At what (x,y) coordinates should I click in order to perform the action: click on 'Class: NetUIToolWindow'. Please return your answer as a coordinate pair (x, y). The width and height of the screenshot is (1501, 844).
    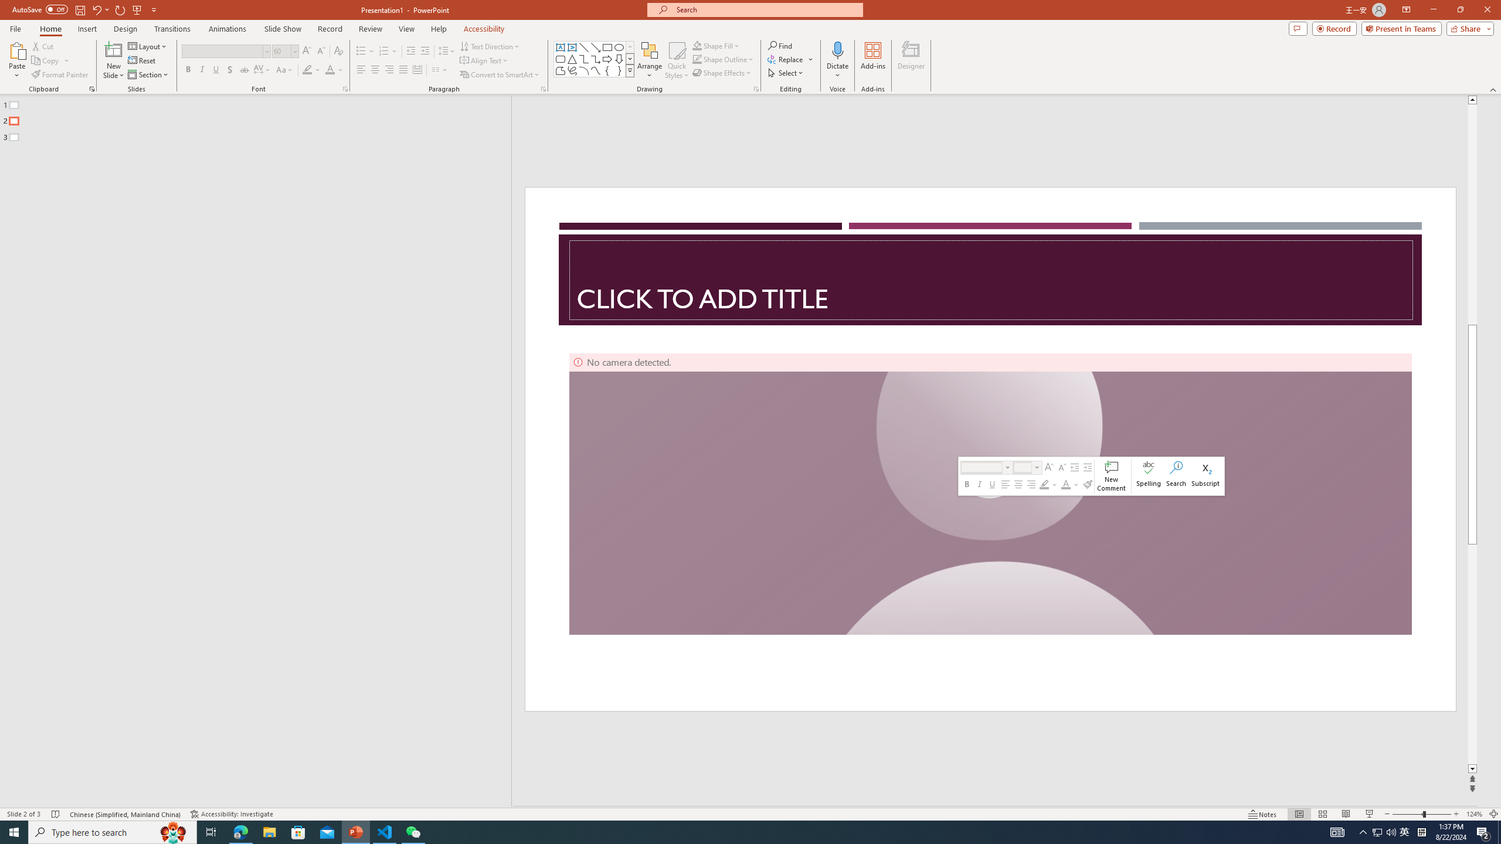
    Looking at the image, I should click on (1091, 475).